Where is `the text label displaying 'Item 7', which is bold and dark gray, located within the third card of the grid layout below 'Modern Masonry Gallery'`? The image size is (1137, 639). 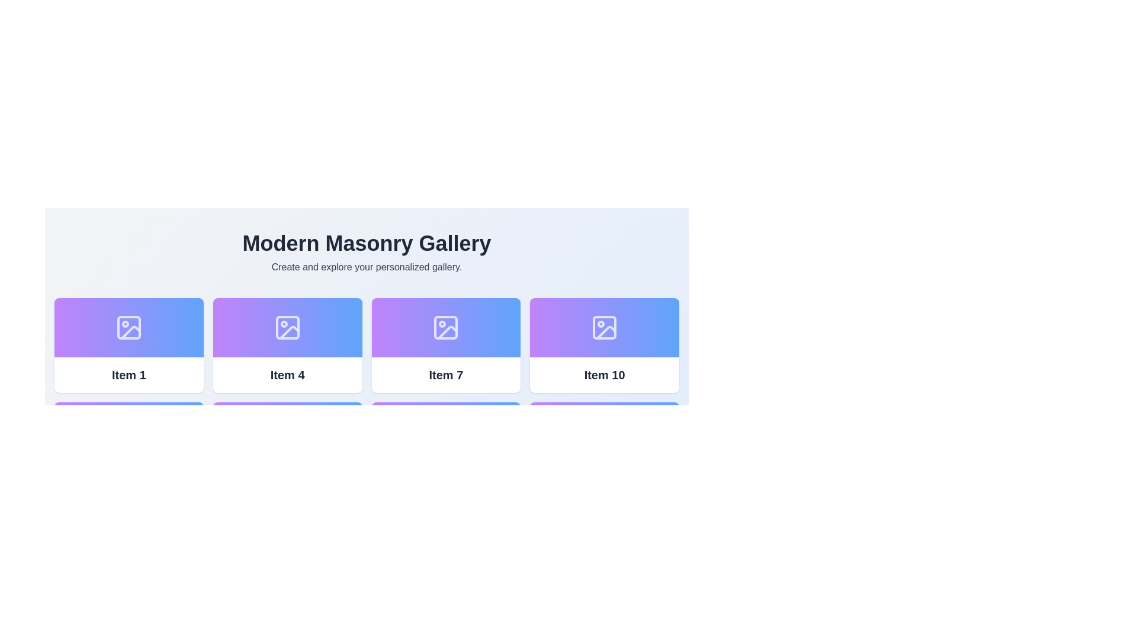
the text label displaying 'Item 7', which is bold and dark gray, located within the third card of the grid layout below 'Modern Masonry Gallery' is located at coordinates (445, 375).